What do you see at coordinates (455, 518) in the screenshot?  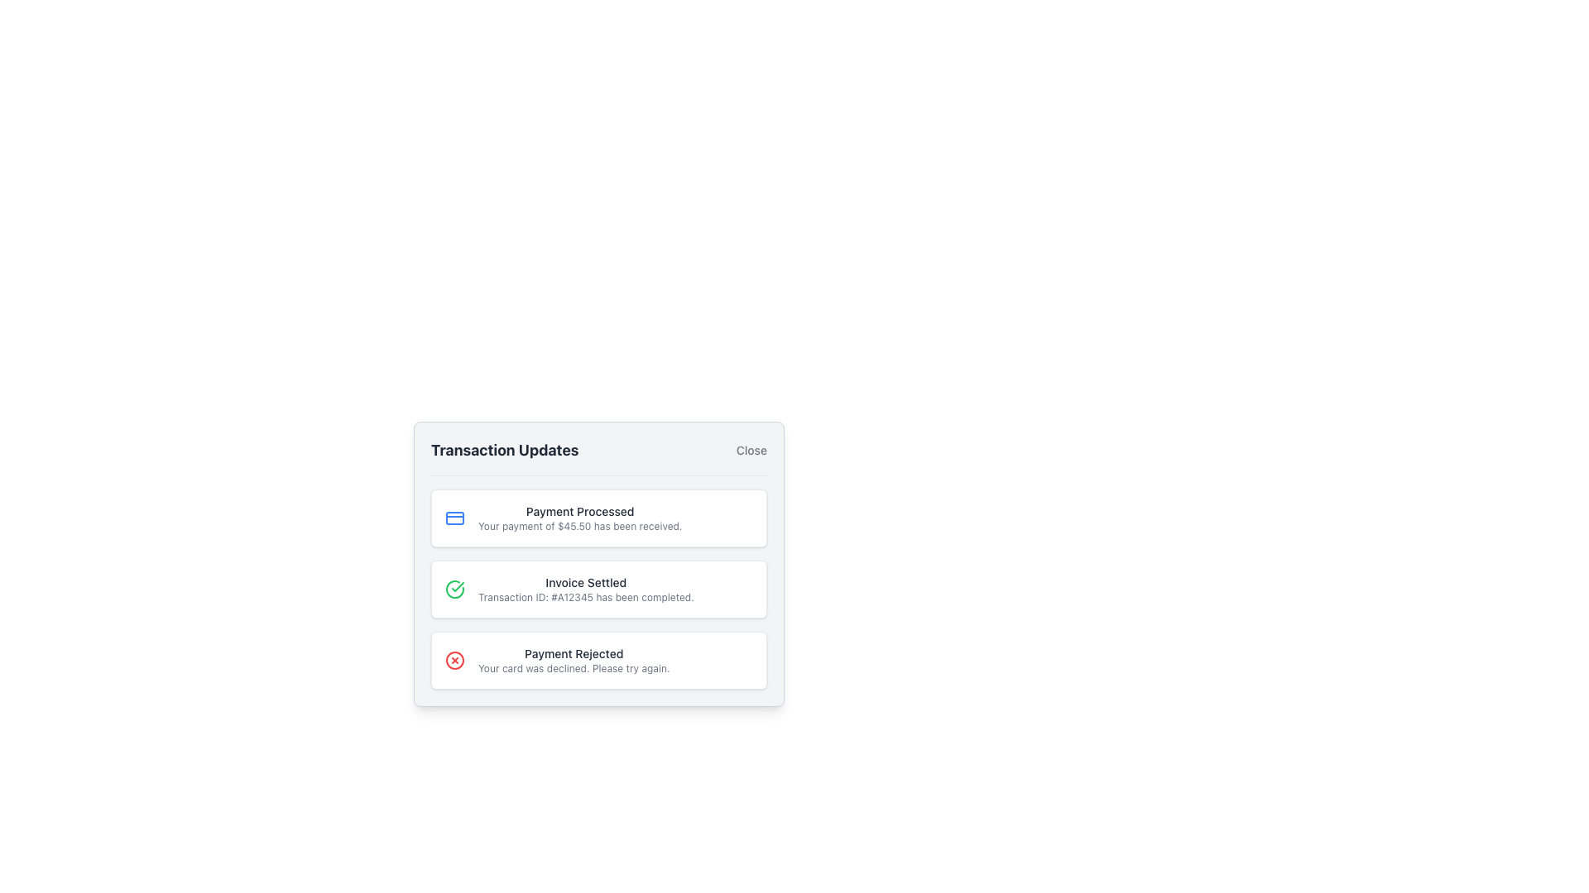 I see `the SVG rectangle representing the credit card icon located next to the 'Payment Processed' text in the 'Transaction Updates' section to interact with the icon` at bounding box center [455, 518].